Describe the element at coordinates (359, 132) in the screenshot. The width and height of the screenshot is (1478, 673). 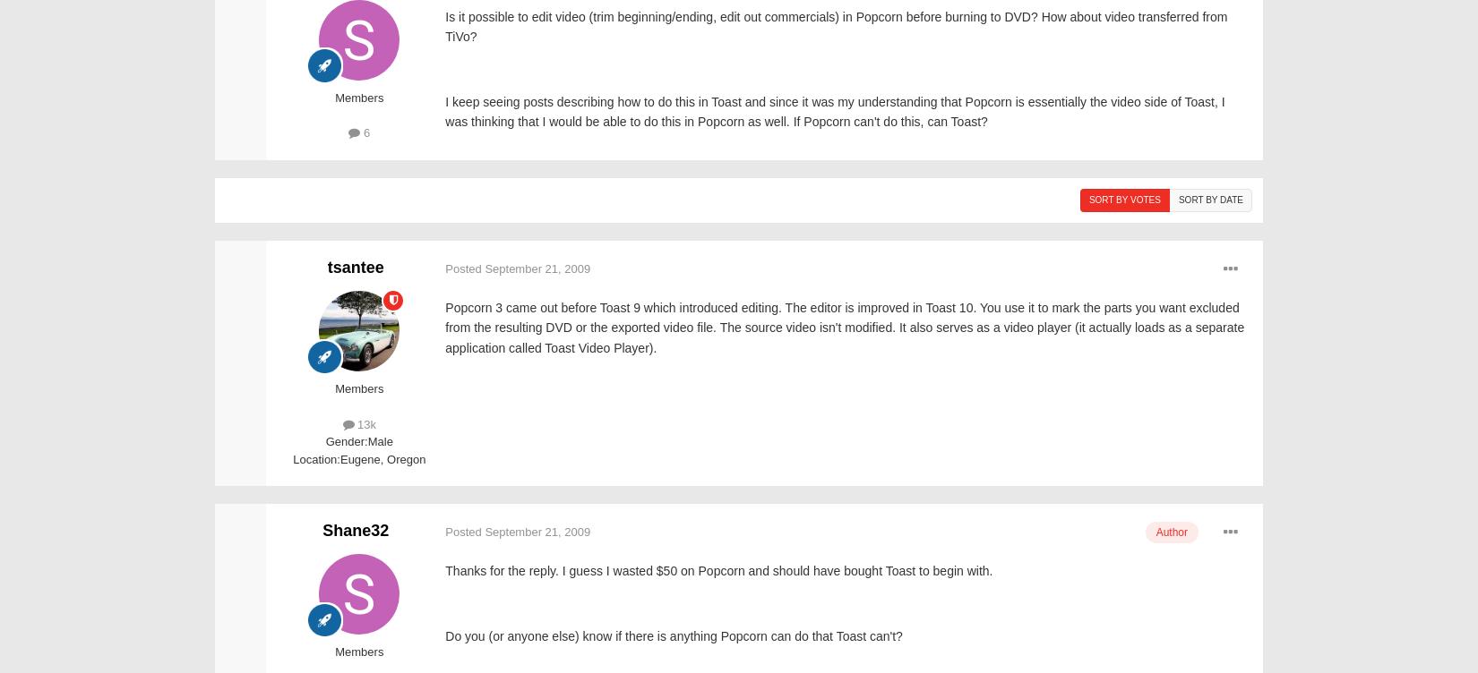
I see `'6'` at that location.